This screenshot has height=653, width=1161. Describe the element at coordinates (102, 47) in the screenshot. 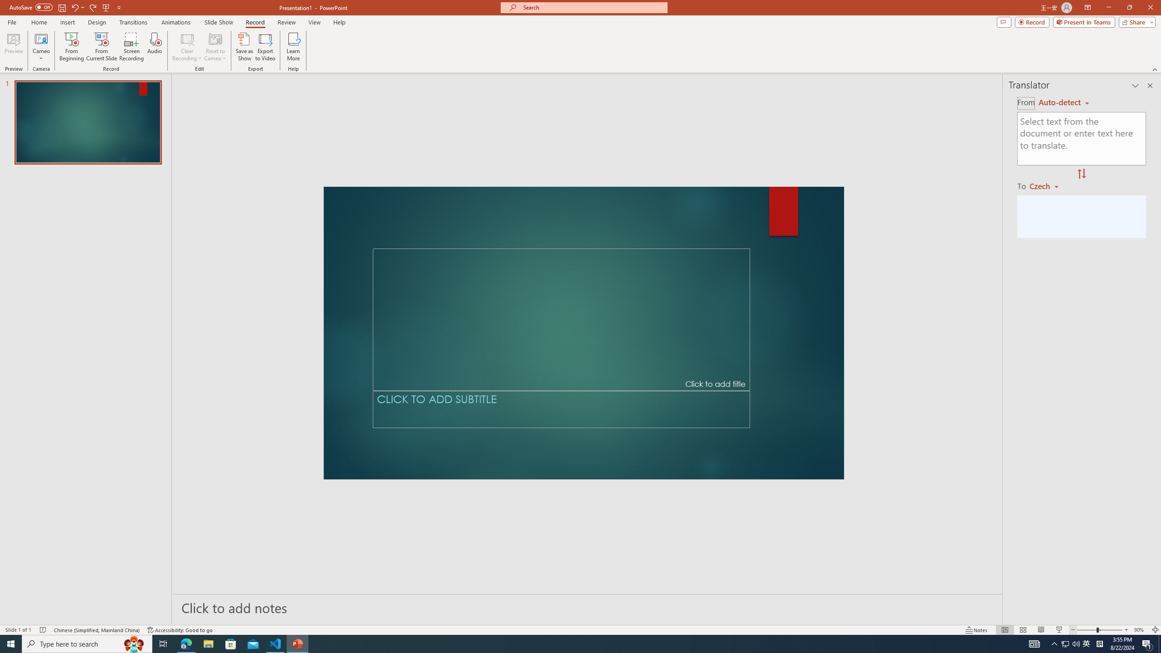

I see `'From Current Slide...'` at that location.